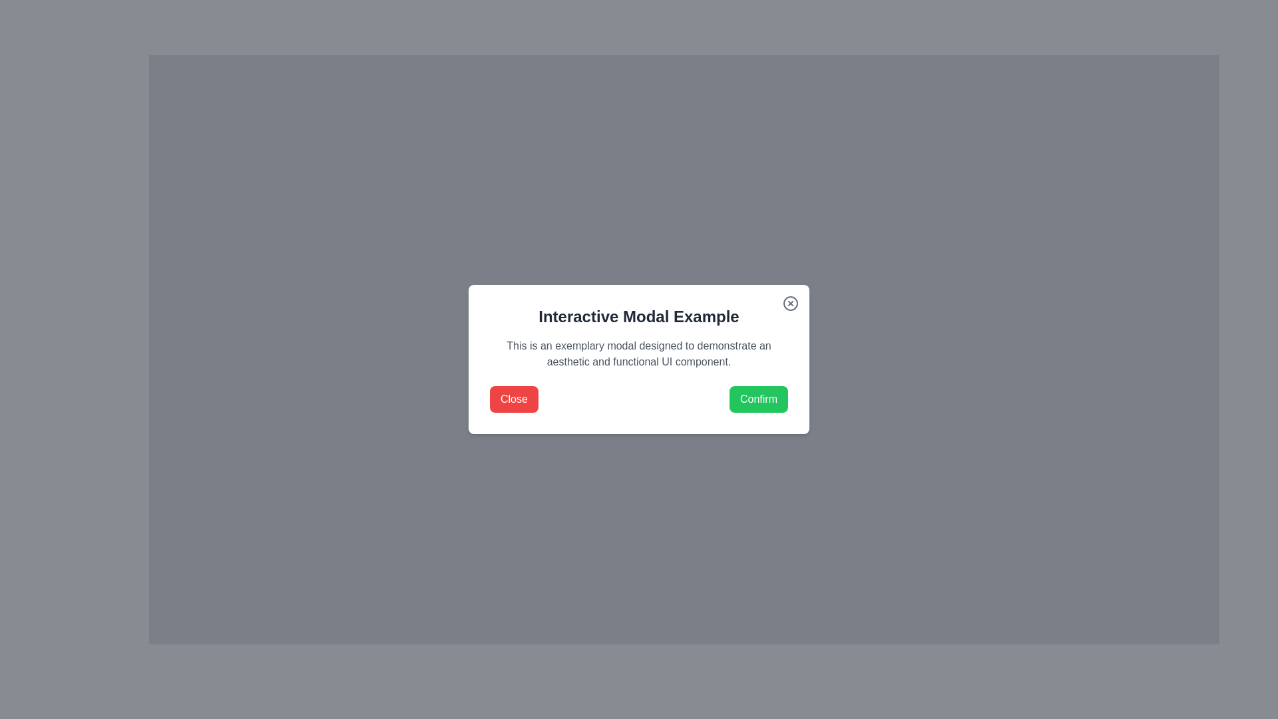  Describe the element at coordinates (513, 399) in the screenshot. I see `the red rectangular button labeled 'Close' to observe the hover effects` at that location.